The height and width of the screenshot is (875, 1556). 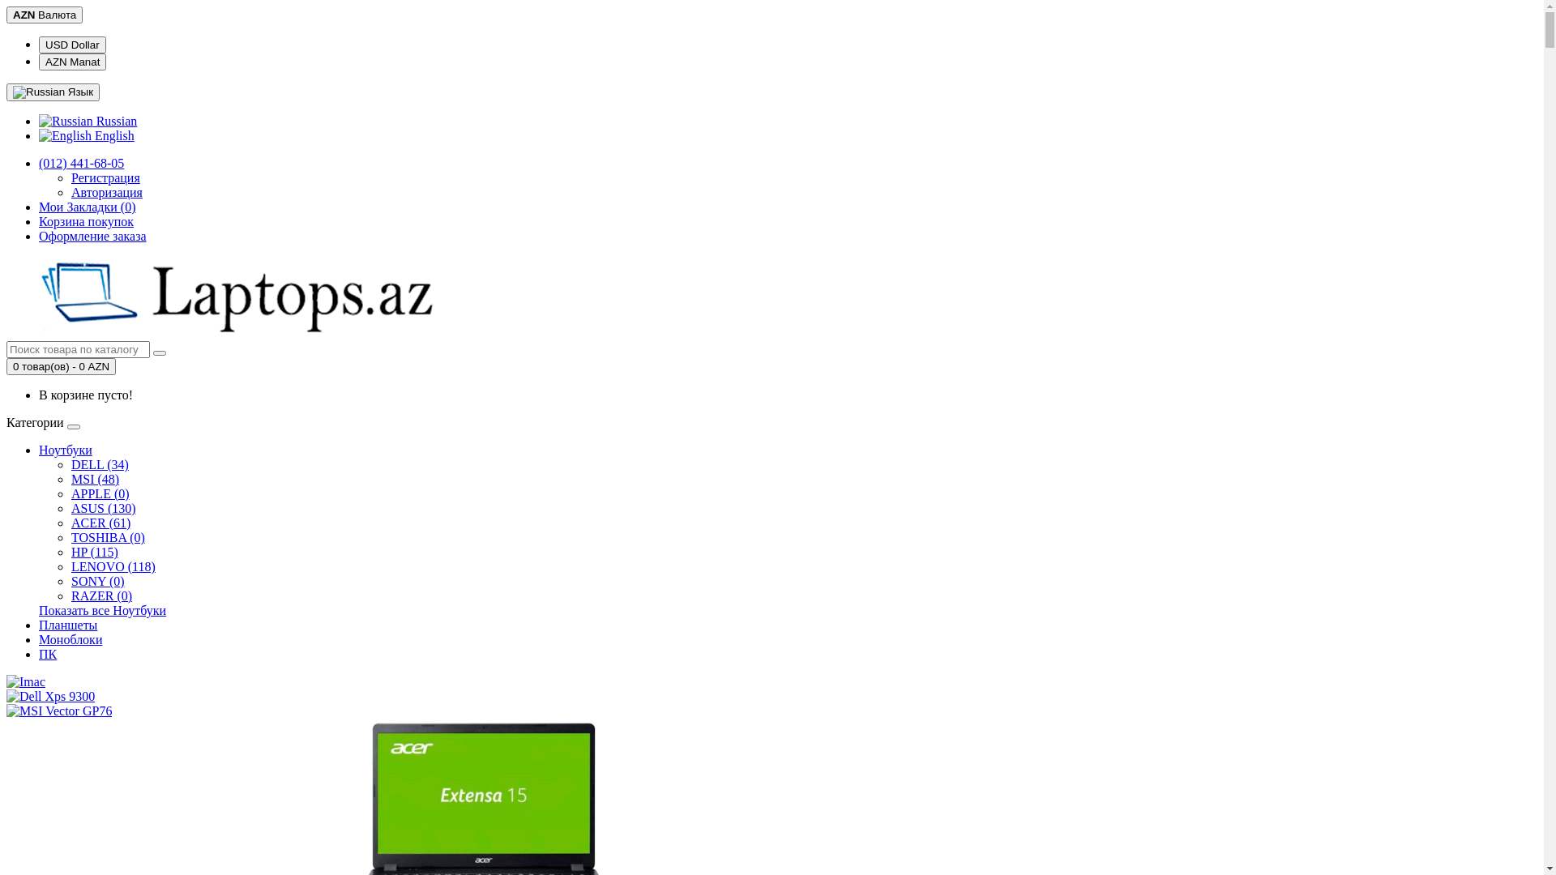 What do you see at coordinates (70, 551) in the screenshot?
I see `'HP (115)'` at bounding box center [70, 551].